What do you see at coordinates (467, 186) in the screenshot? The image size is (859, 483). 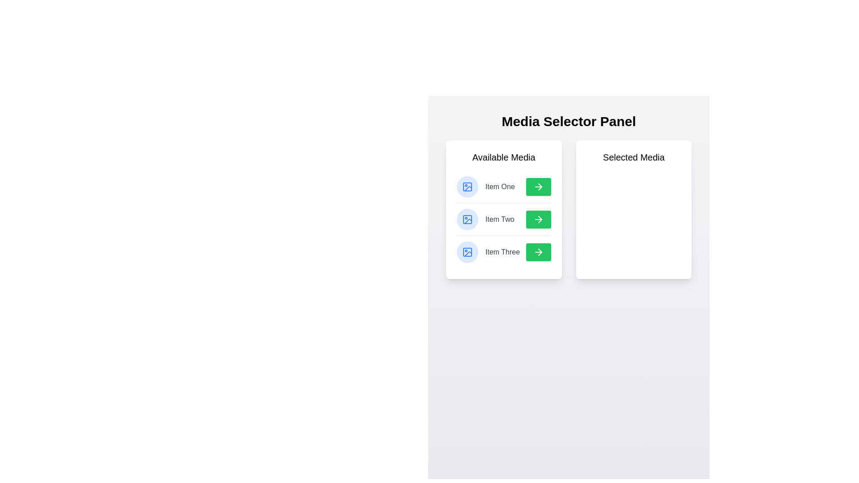 I see `the SVG component of the image icon, which is a square with rounded corners, located in the 'Available Media' section next to 'Item One'` at bounding box center [467, 186].